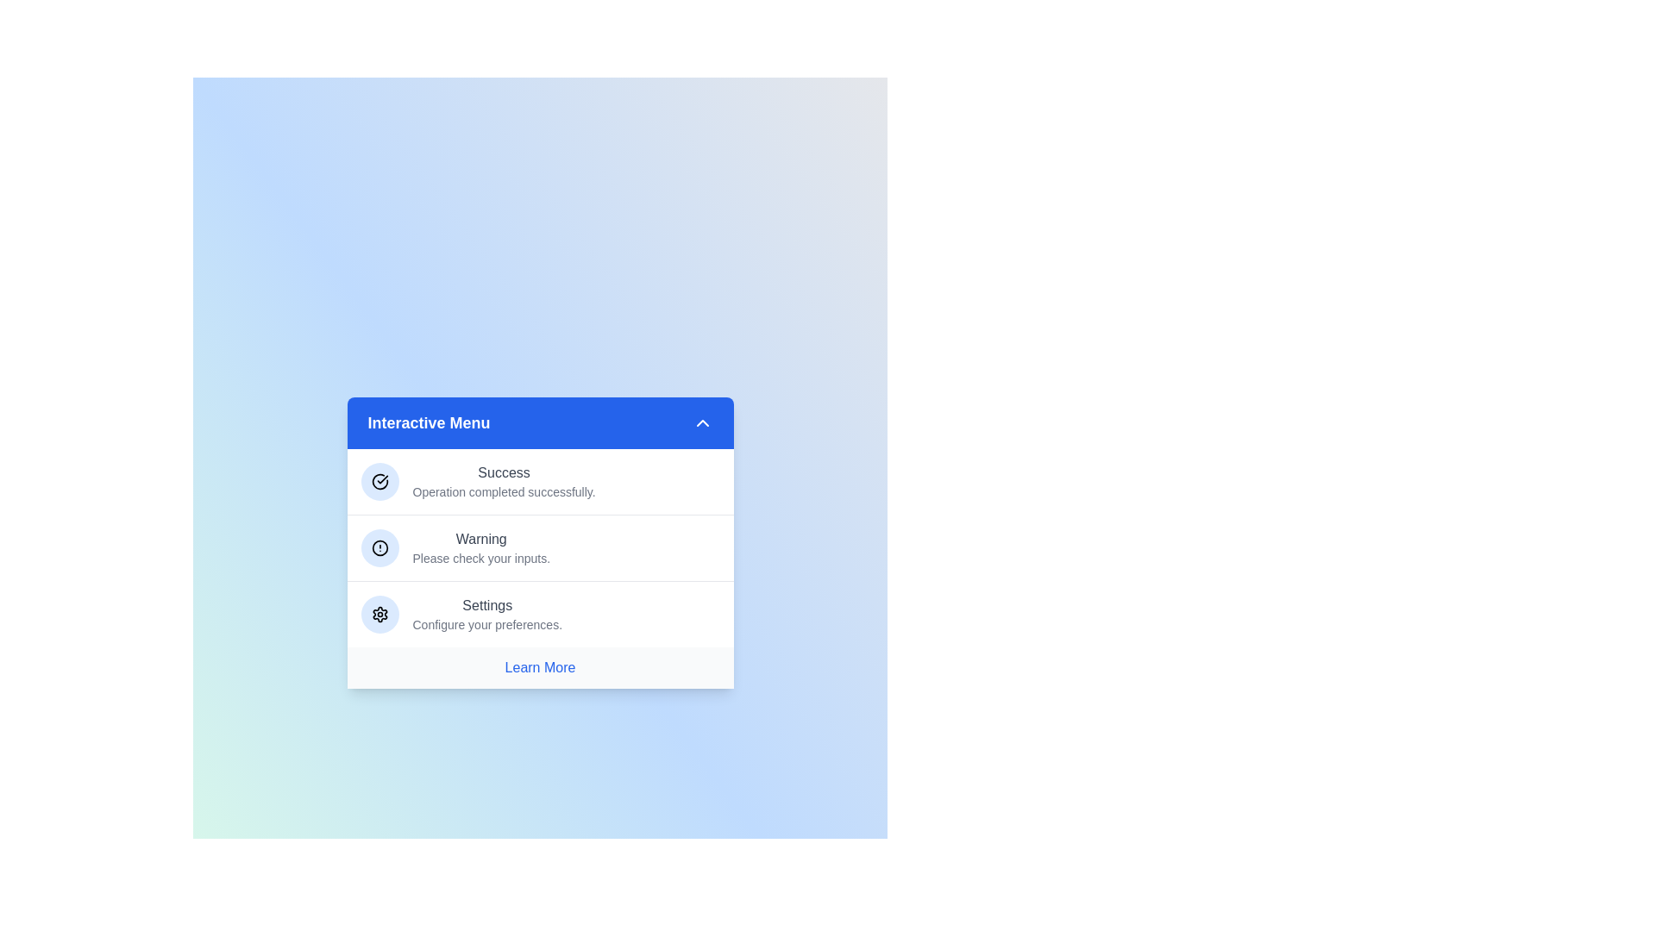  I want to click on the menu item corresponding to Success, so click(539, 482).